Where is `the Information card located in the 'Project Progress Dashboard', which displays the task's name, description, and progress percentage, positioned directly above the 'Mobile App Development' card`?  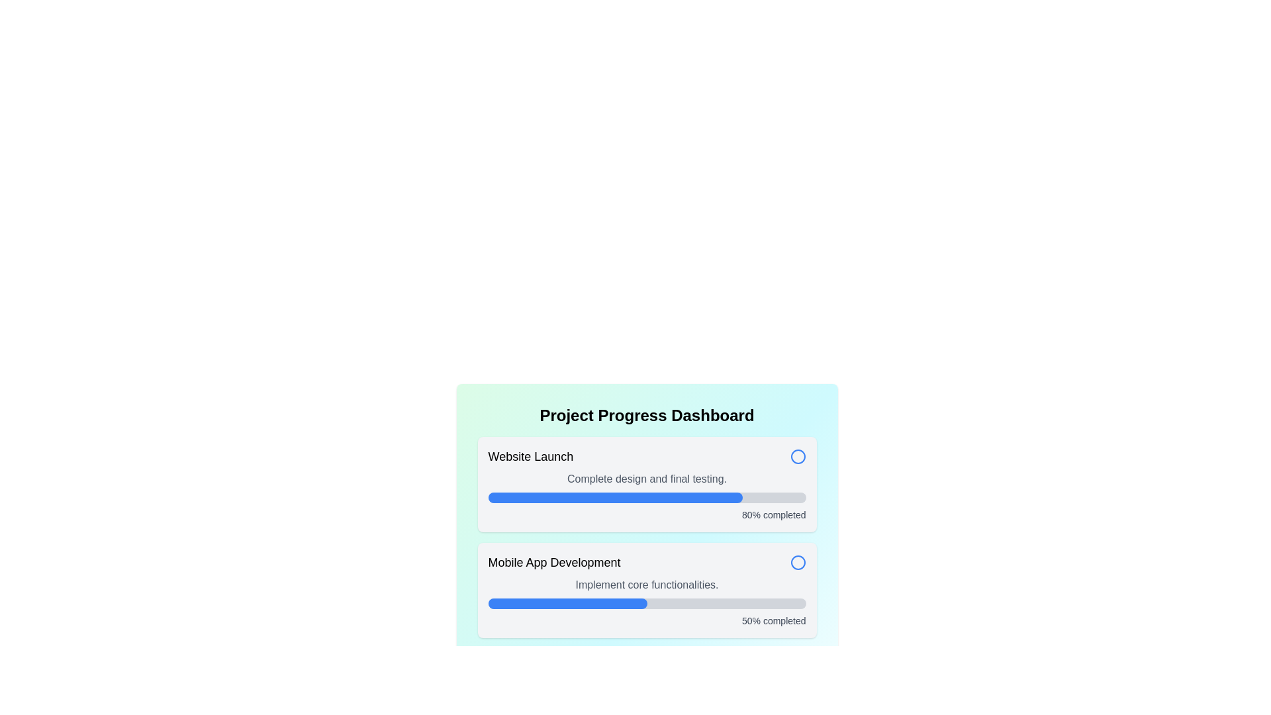
the Information card located in the 'Project Progress Dashboard', which displays the task's name, description, and progress percentage, positioned directly above the 'Mobile App Development' card is located at coordinates (647, 485).